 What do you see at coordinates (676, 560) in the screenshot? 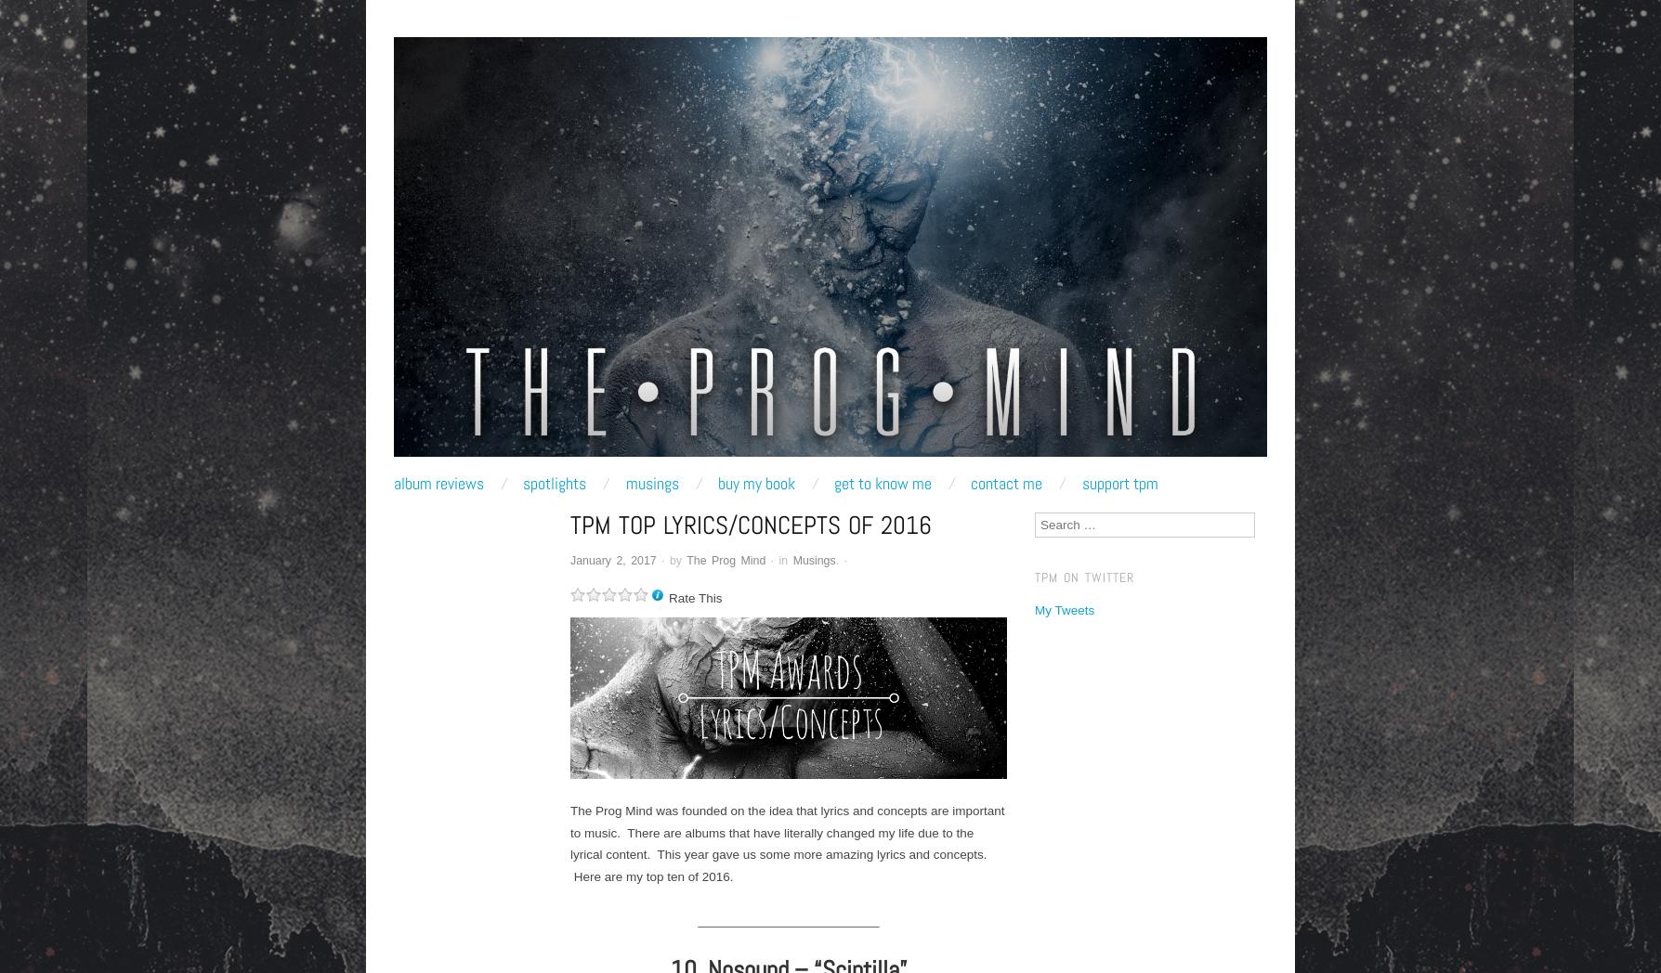
I see `'by'` at bounding box center [676, 560].